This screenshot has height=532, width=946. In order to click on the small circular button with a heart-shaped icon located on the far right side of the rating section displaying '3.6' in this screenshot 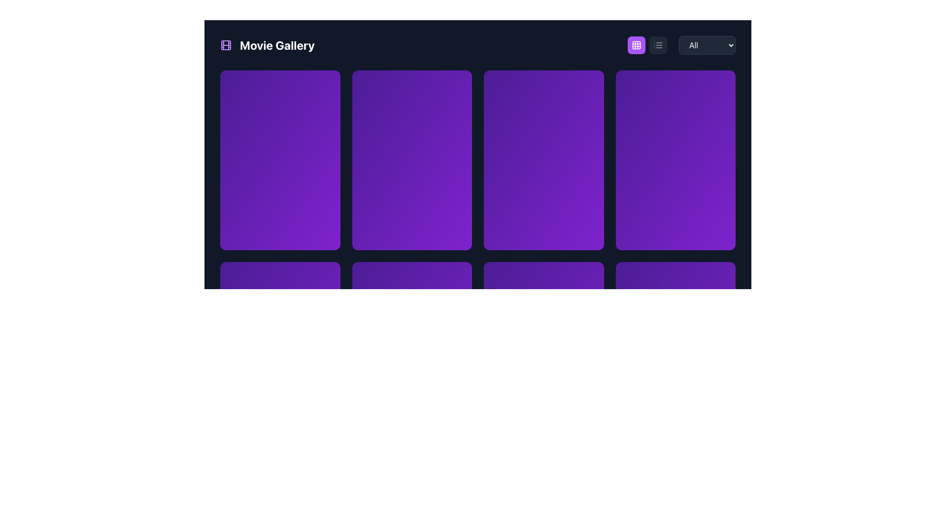, I will do `click(456, 278)`.